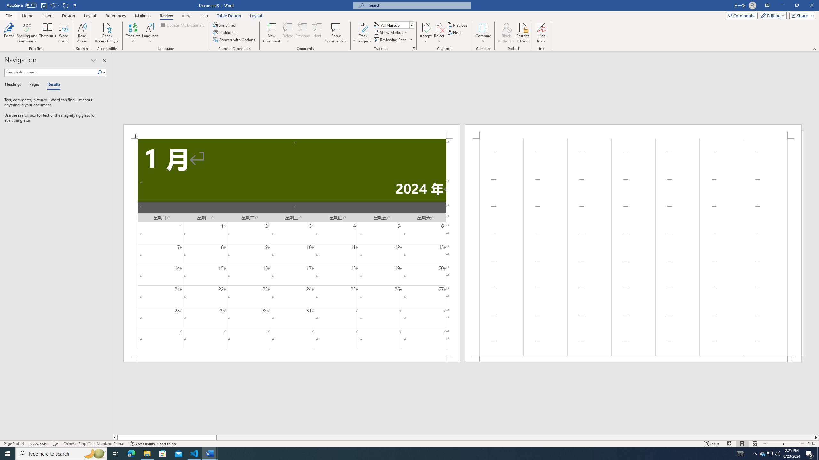 This screenshot has width=819, height=460. I want to click on 'Word Count', so click(64, 33).